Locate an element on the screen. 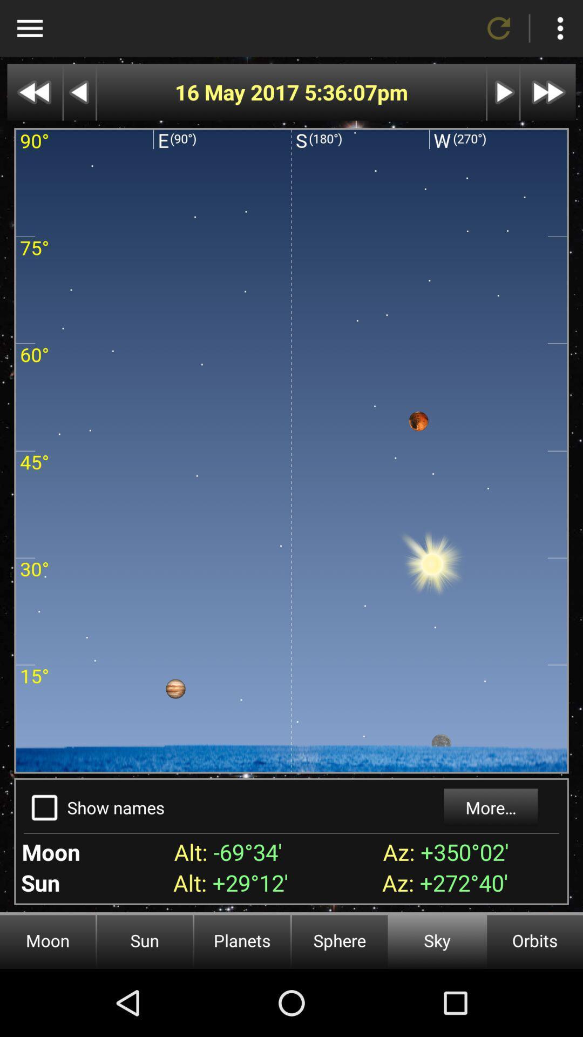 This screenshot has width=583, height=1037. fast forward is located at coordinates (548, 92).